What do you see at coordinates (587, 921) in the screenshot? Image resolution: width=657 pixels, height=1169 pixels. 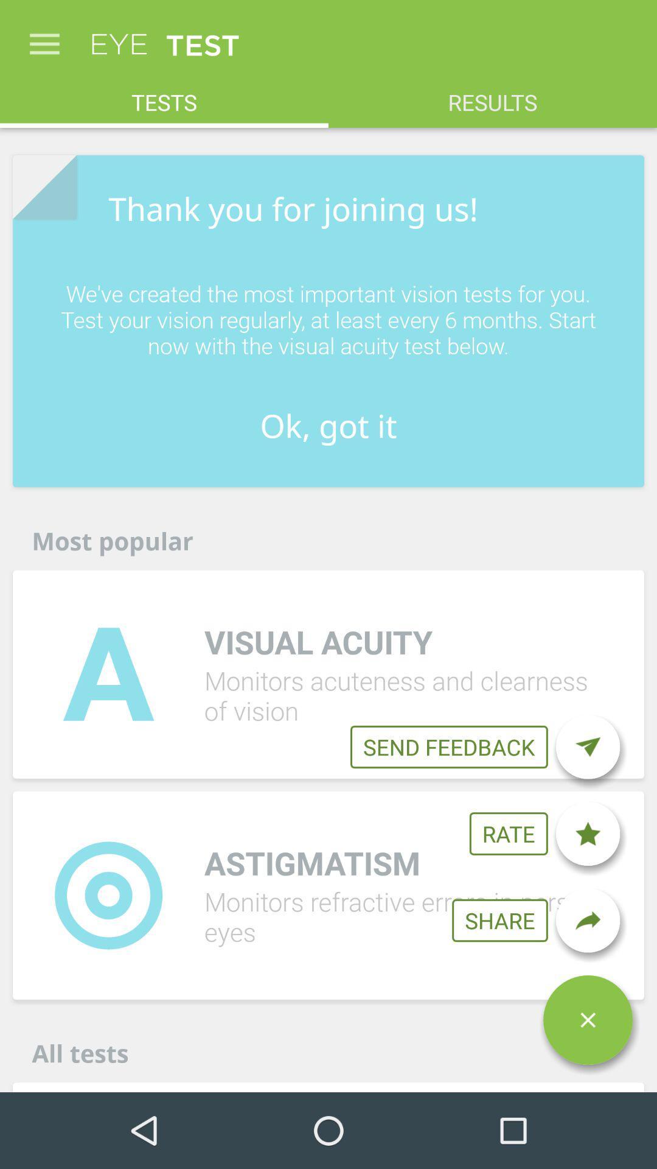 I see `the redo icon` at bounding box center [587, 921].